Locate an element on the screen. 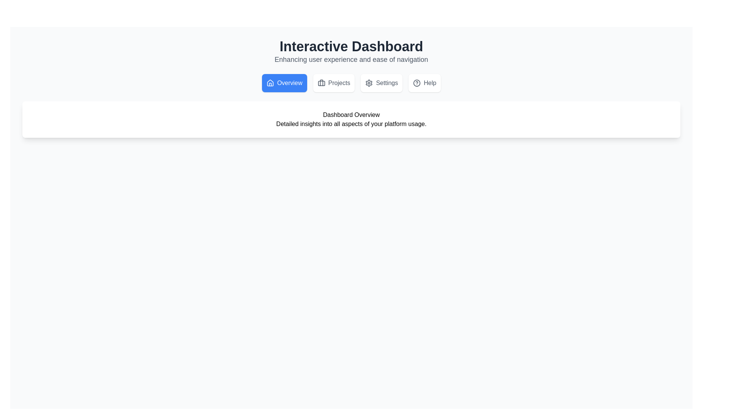 Image resolution: width=729 pixels, height=410 pixels. the decorative vector graphic element within the briefcase icon, which represents the 'Projects' section in the navigation bar is located at coordinates (321, 83).